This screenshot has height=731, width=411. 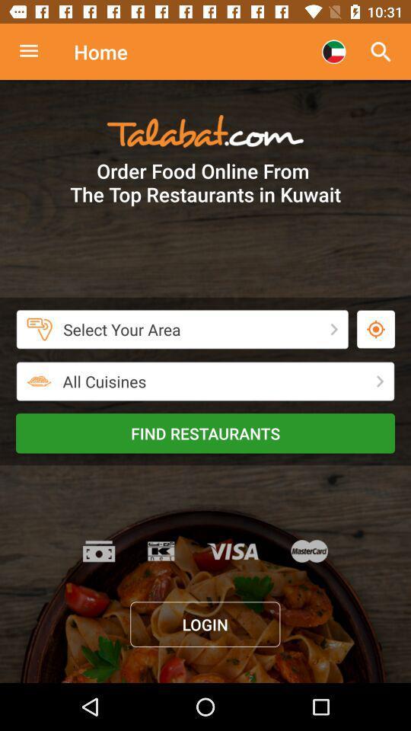 What do you see at coordinates (375, 329) in the screenshot?
I see `the button is used to select the area option` at bounding box center [375, 329].